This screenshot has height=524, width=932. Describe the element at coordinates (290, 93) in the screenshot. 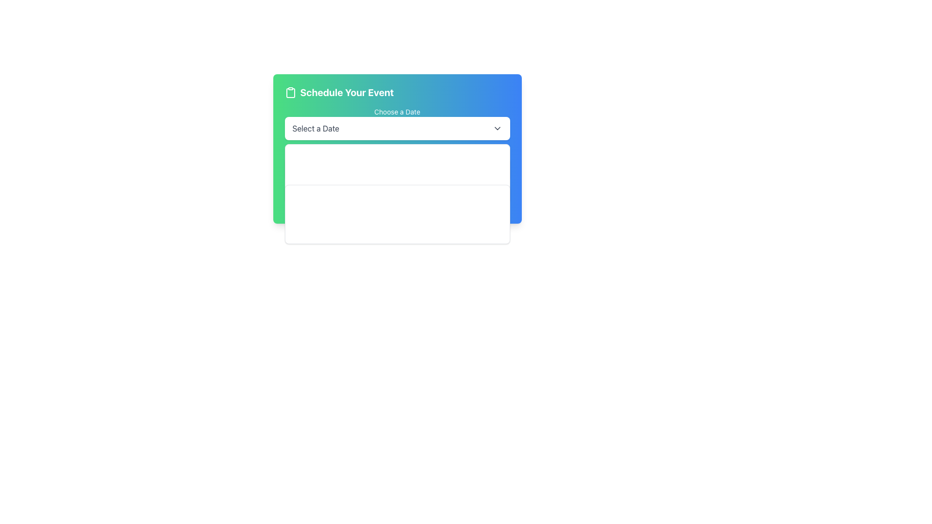

I see `the clipboard icon with a clean outline located in the header section, aligned left to the title text 'Schedule Your Event'` at that location.